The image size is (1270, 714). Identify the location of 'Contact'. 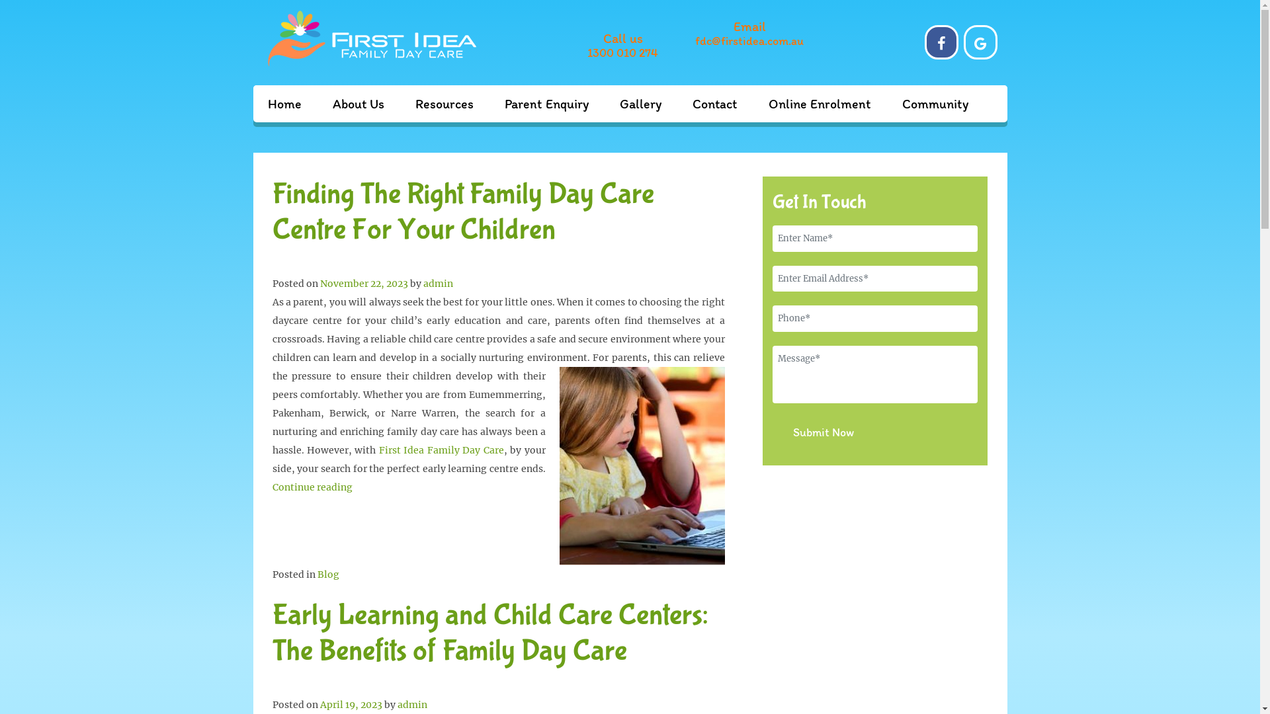
(677, 103).